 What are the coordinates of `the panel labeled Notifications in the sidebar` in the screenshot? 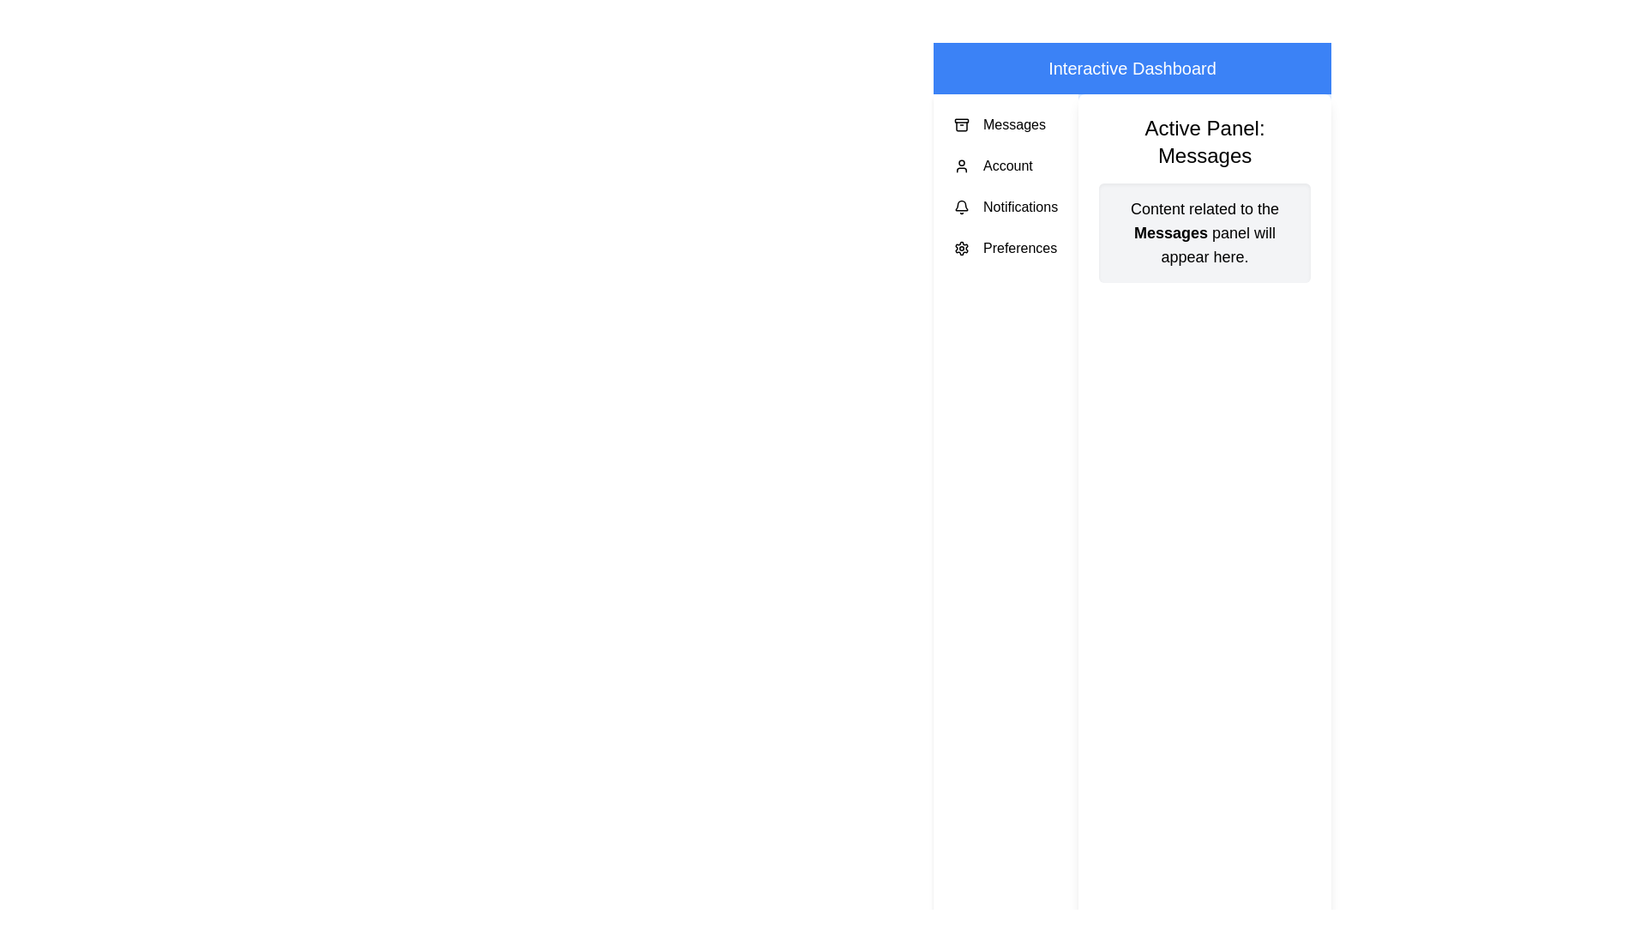 It's located at (1006, 207).